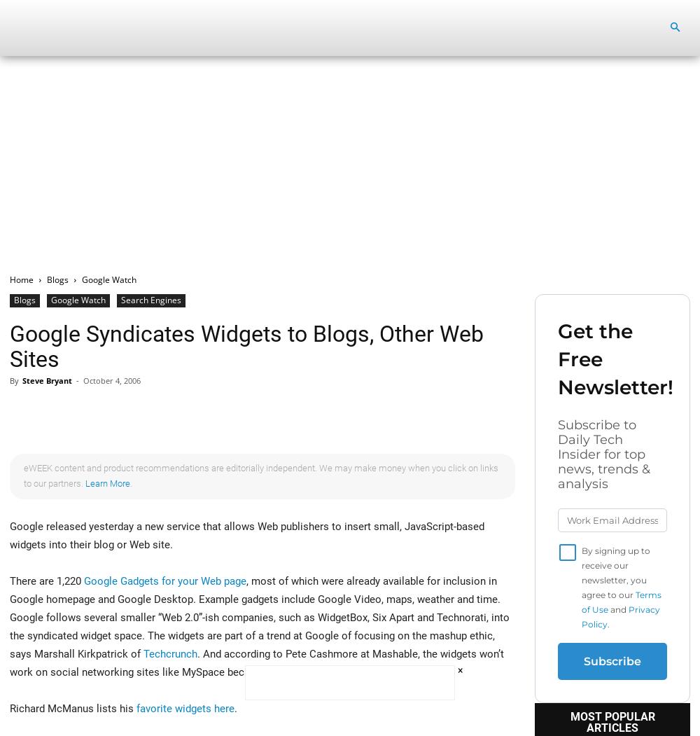 This screenshot has width=700, height=736. What do you see at coordinates (72, 708) in the screenshot?
I see `'Richard McManus lists his'` at bounding box center [72, 708].